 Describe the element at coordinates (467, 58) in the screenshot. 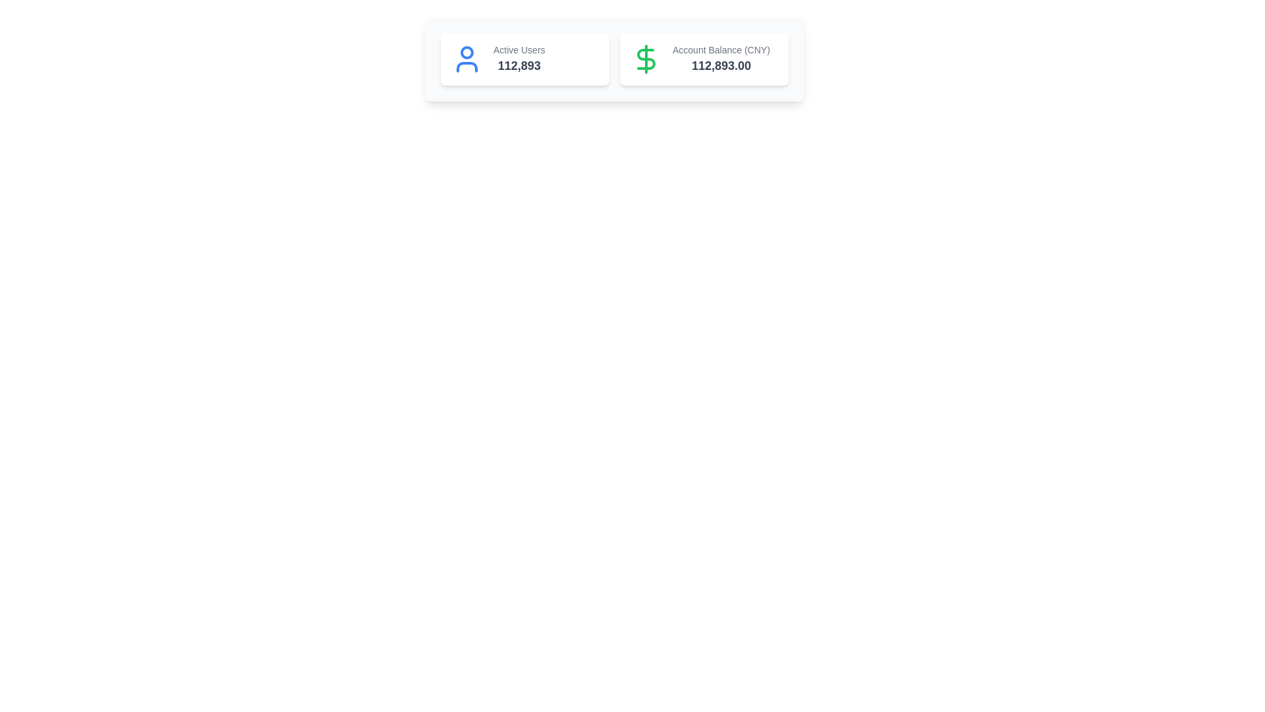

I see `the SVG icon representing user count, positioned at the top-left corner of the card displaying 'Active Users' and '112,893'` at that location.